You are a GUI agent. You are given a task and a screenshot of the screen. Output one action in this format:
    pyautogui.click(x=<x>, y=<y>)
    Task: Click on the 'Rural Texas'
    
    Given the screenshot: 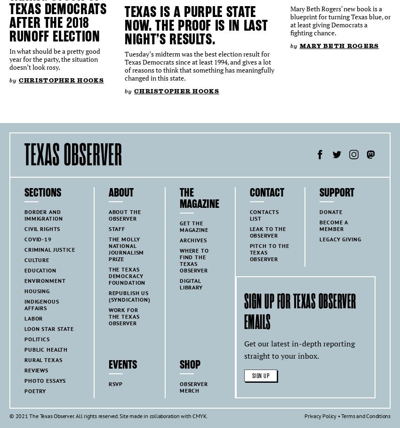 What is the action you would take?
    pyautogui.click(x=42, y=359)
    